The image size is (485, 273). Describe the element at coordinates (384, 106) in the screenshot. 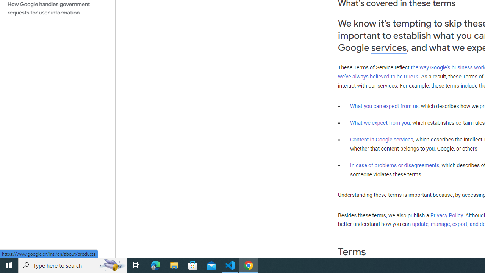

I see `'What you can expect from us'` at that location.